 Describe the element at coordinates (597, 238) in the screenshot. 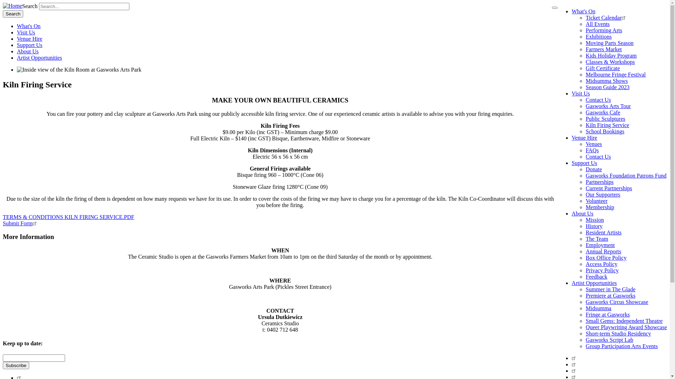

I see `'The Team'` at that location.